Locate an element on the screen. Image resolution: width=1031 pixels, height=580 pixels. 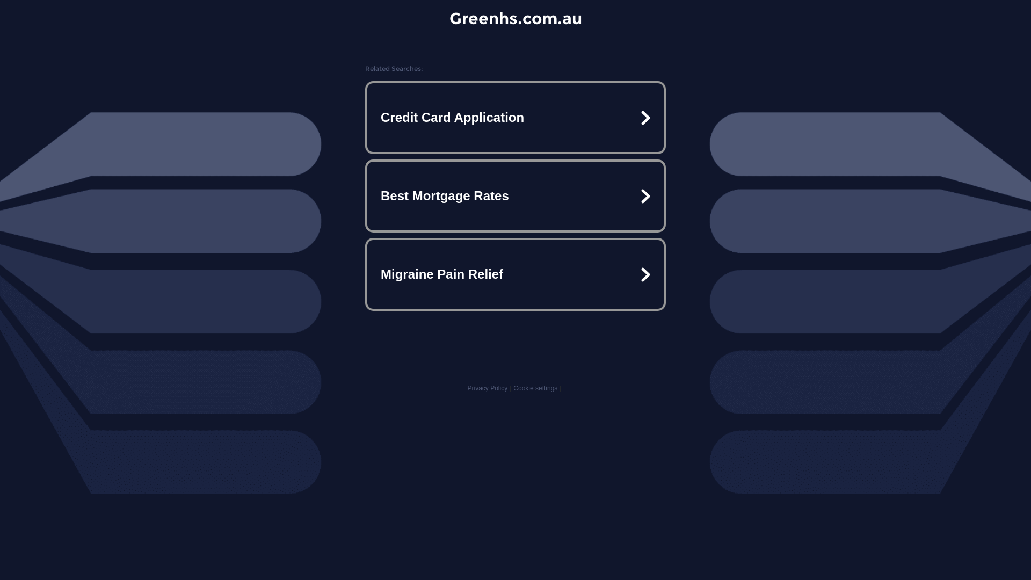
'Cookie settings' is located at coordinates (535, 388).